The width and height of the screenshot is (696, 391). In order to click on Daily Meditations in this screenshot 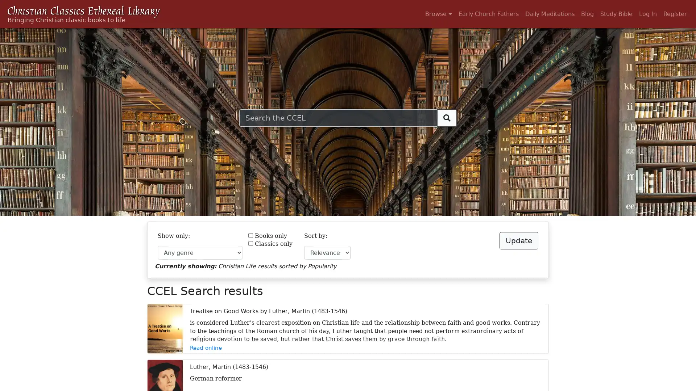, I will do `click(550, 14)`.